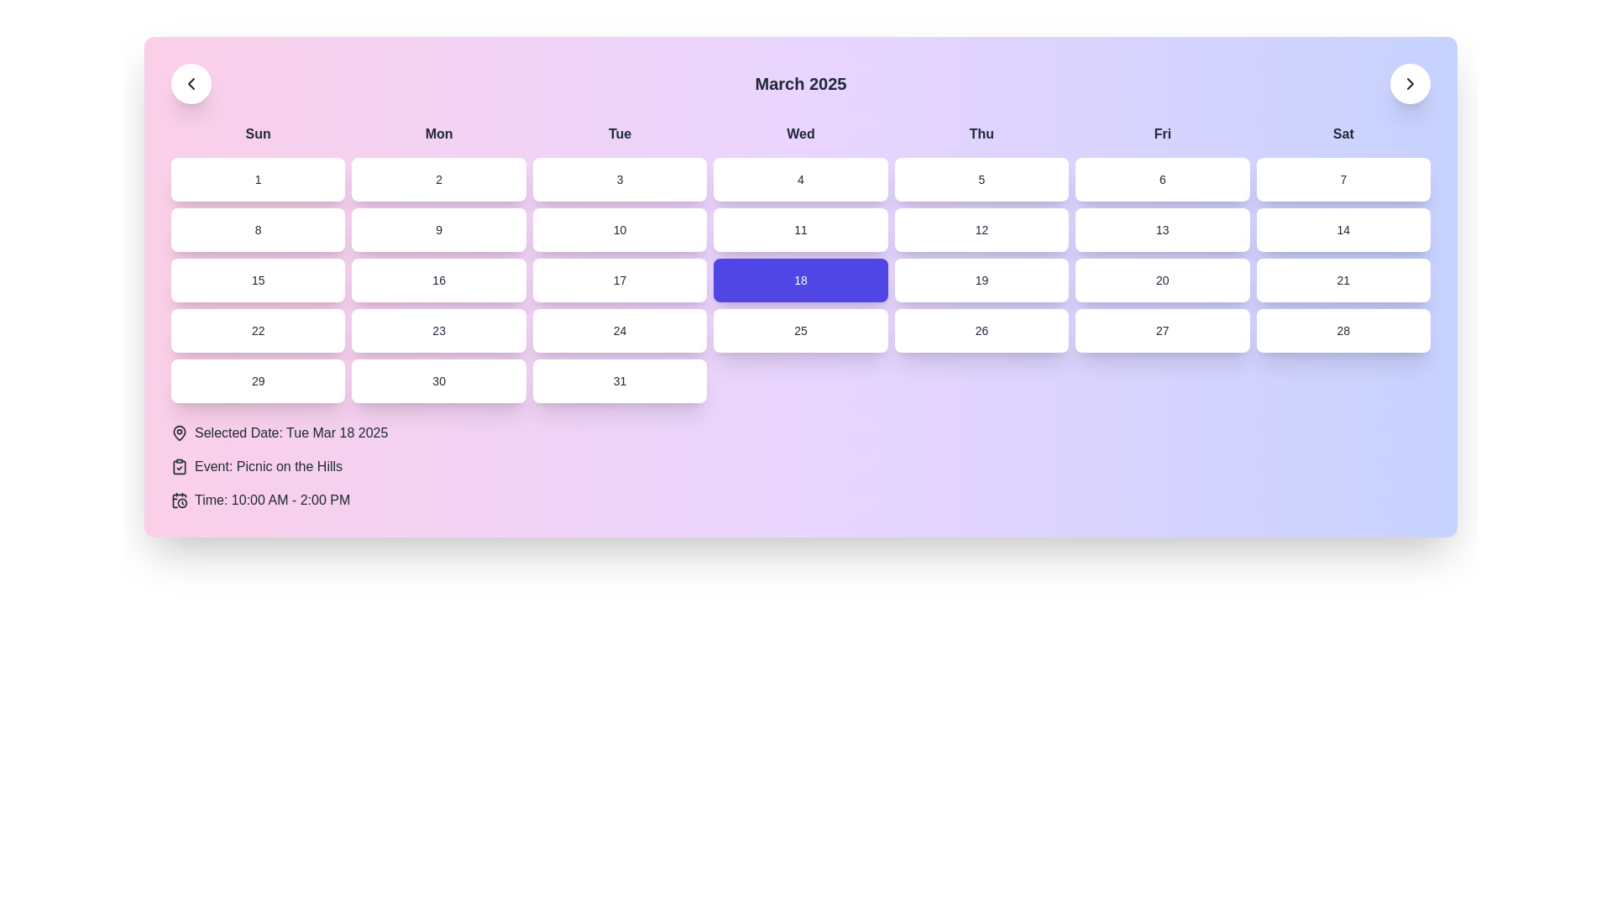 The image size is (1612, 907). I want to click on the button representing the 19th day in the calendar interface, located in the fifth position of the third row under the 'Thu' column, so click(981, 280).